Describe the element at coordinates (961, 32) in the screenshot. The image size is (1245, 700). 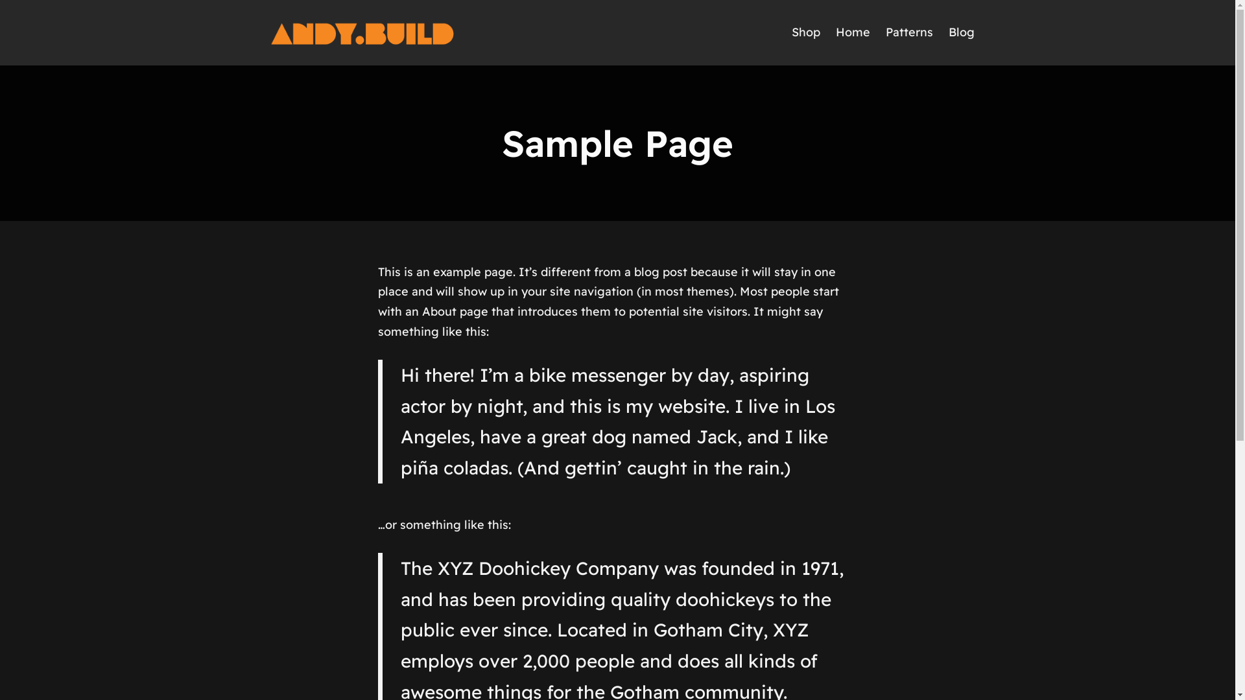
I see `'Blog'` at that location.